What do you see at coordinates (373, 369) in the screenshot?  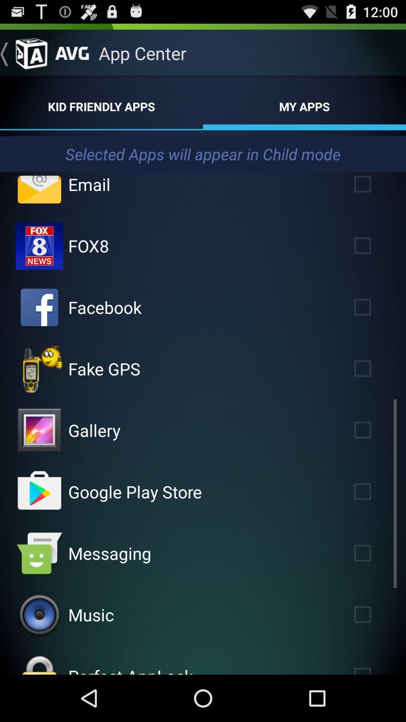 I see `fake gps` at bounding box center [373, 369].